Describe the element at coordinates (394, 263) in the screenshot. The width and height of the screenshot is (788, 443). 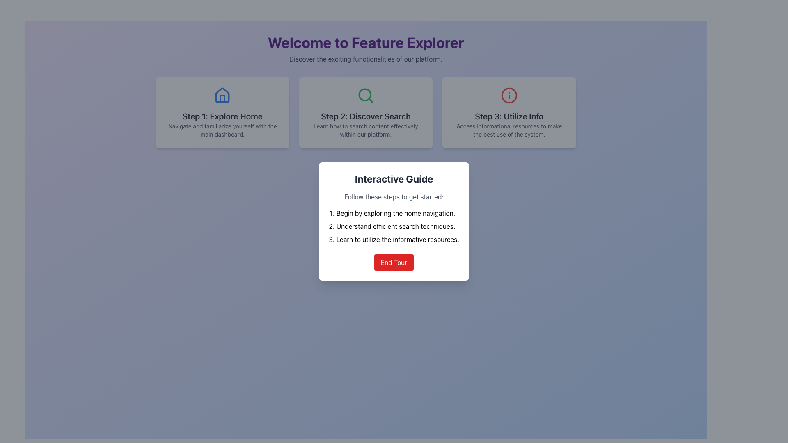
I see `the rectangular button with a red background and white text that reads 'End Tour', located at the bottom of the 'Interactive Guide' modal` at that location.